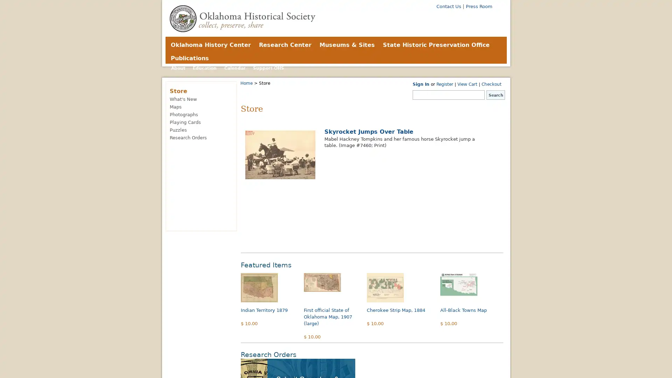  Describe the element at coordinates (495, 95) in the screenshot. I see `Search` at that location.